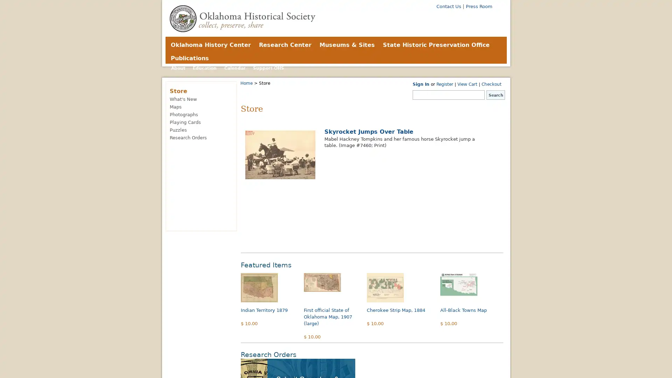  Describe the element at coordinates (495, 95) in the screenshot. I see `Search` at that location.